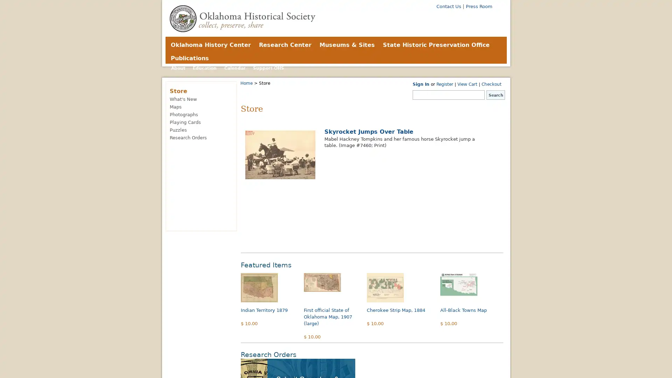  Describe the element at coordinates (495, 95) in the screenshot. I see `Search` at that location.